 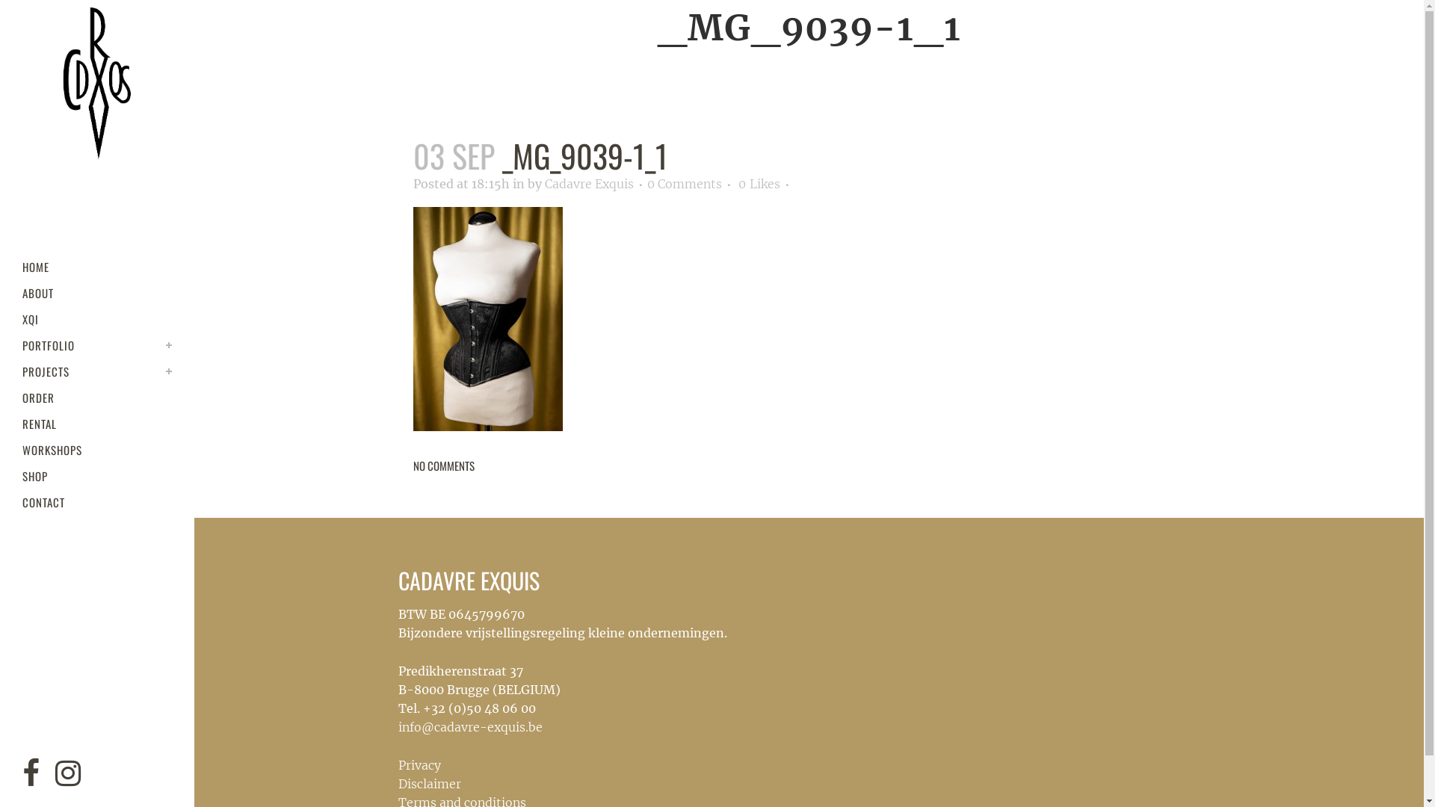 What do you see at coordinates (96, 318) in the screenshot?
I see `'XQI'` at bounding box center [96, 318].